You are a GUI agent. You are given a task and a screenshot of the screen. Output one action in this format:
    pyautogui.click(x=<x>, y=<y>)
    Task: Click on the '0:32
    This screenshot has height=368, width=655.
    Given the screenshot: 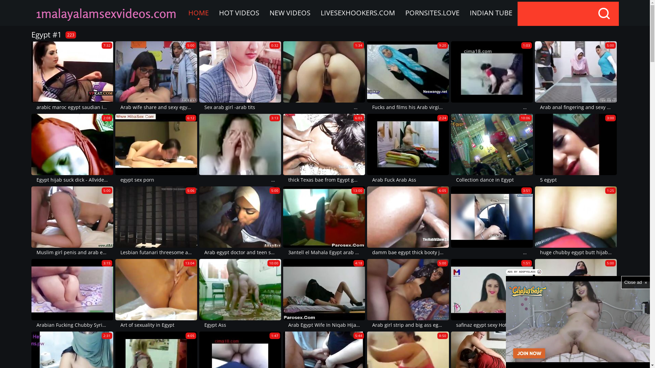 What is the action you would take?
    pyautogui.click(x=240, y=76)
    